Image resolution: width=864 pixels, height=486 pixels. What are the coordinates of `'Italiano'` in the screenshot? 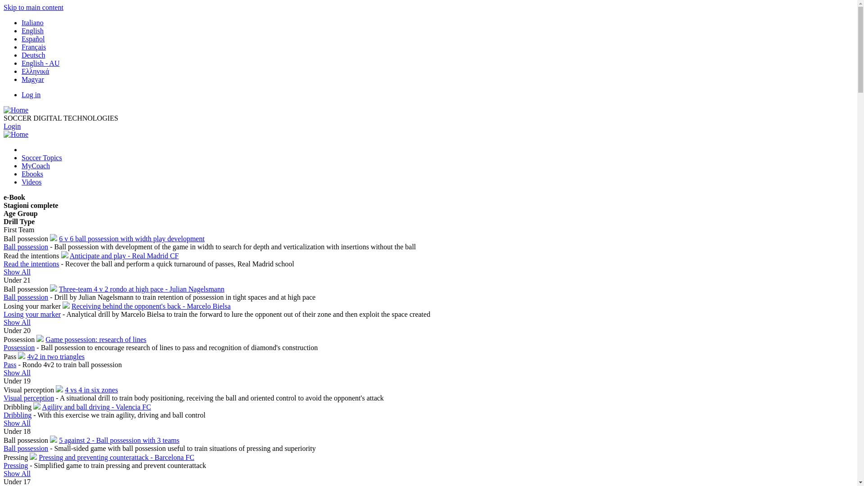 It's located at (32, 22).